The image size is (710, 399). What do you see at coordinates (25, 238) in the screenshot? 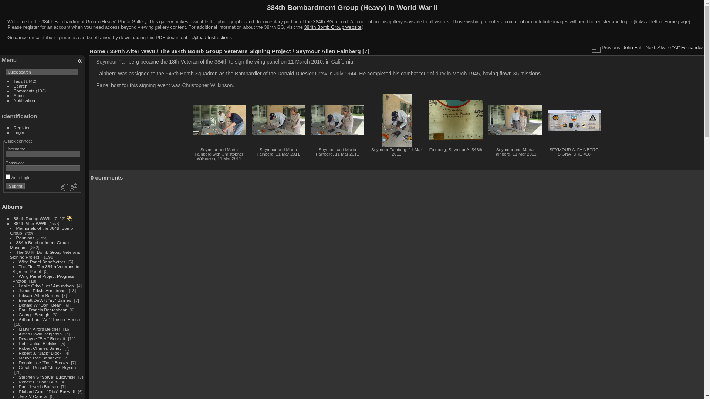
I see `'Reunions'` at bounding box center [25, 238].